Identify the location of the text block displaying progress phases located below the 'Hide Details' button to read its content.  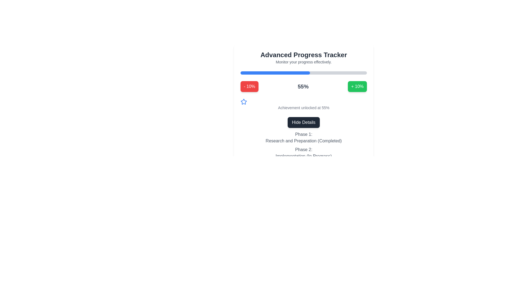
(303, 146).